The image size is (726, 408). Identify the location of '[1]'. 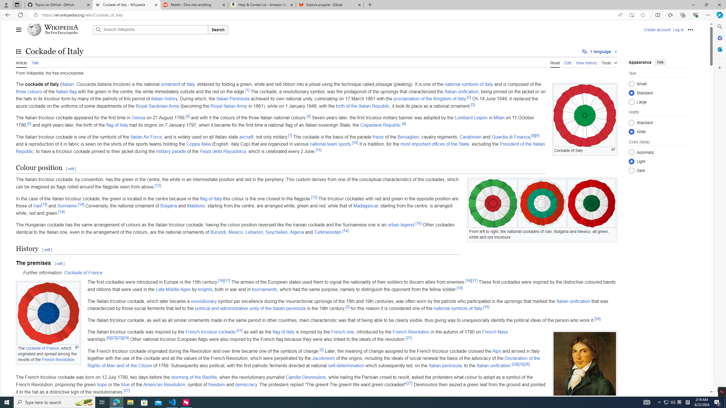
(247, 90).